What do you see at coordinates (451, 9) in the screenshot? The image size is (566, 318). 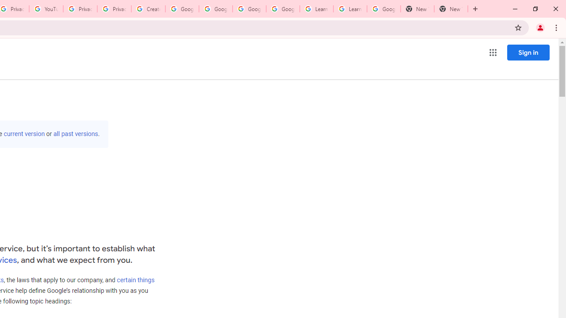 I see `'New Tab'` at bounding box center [451, 9].